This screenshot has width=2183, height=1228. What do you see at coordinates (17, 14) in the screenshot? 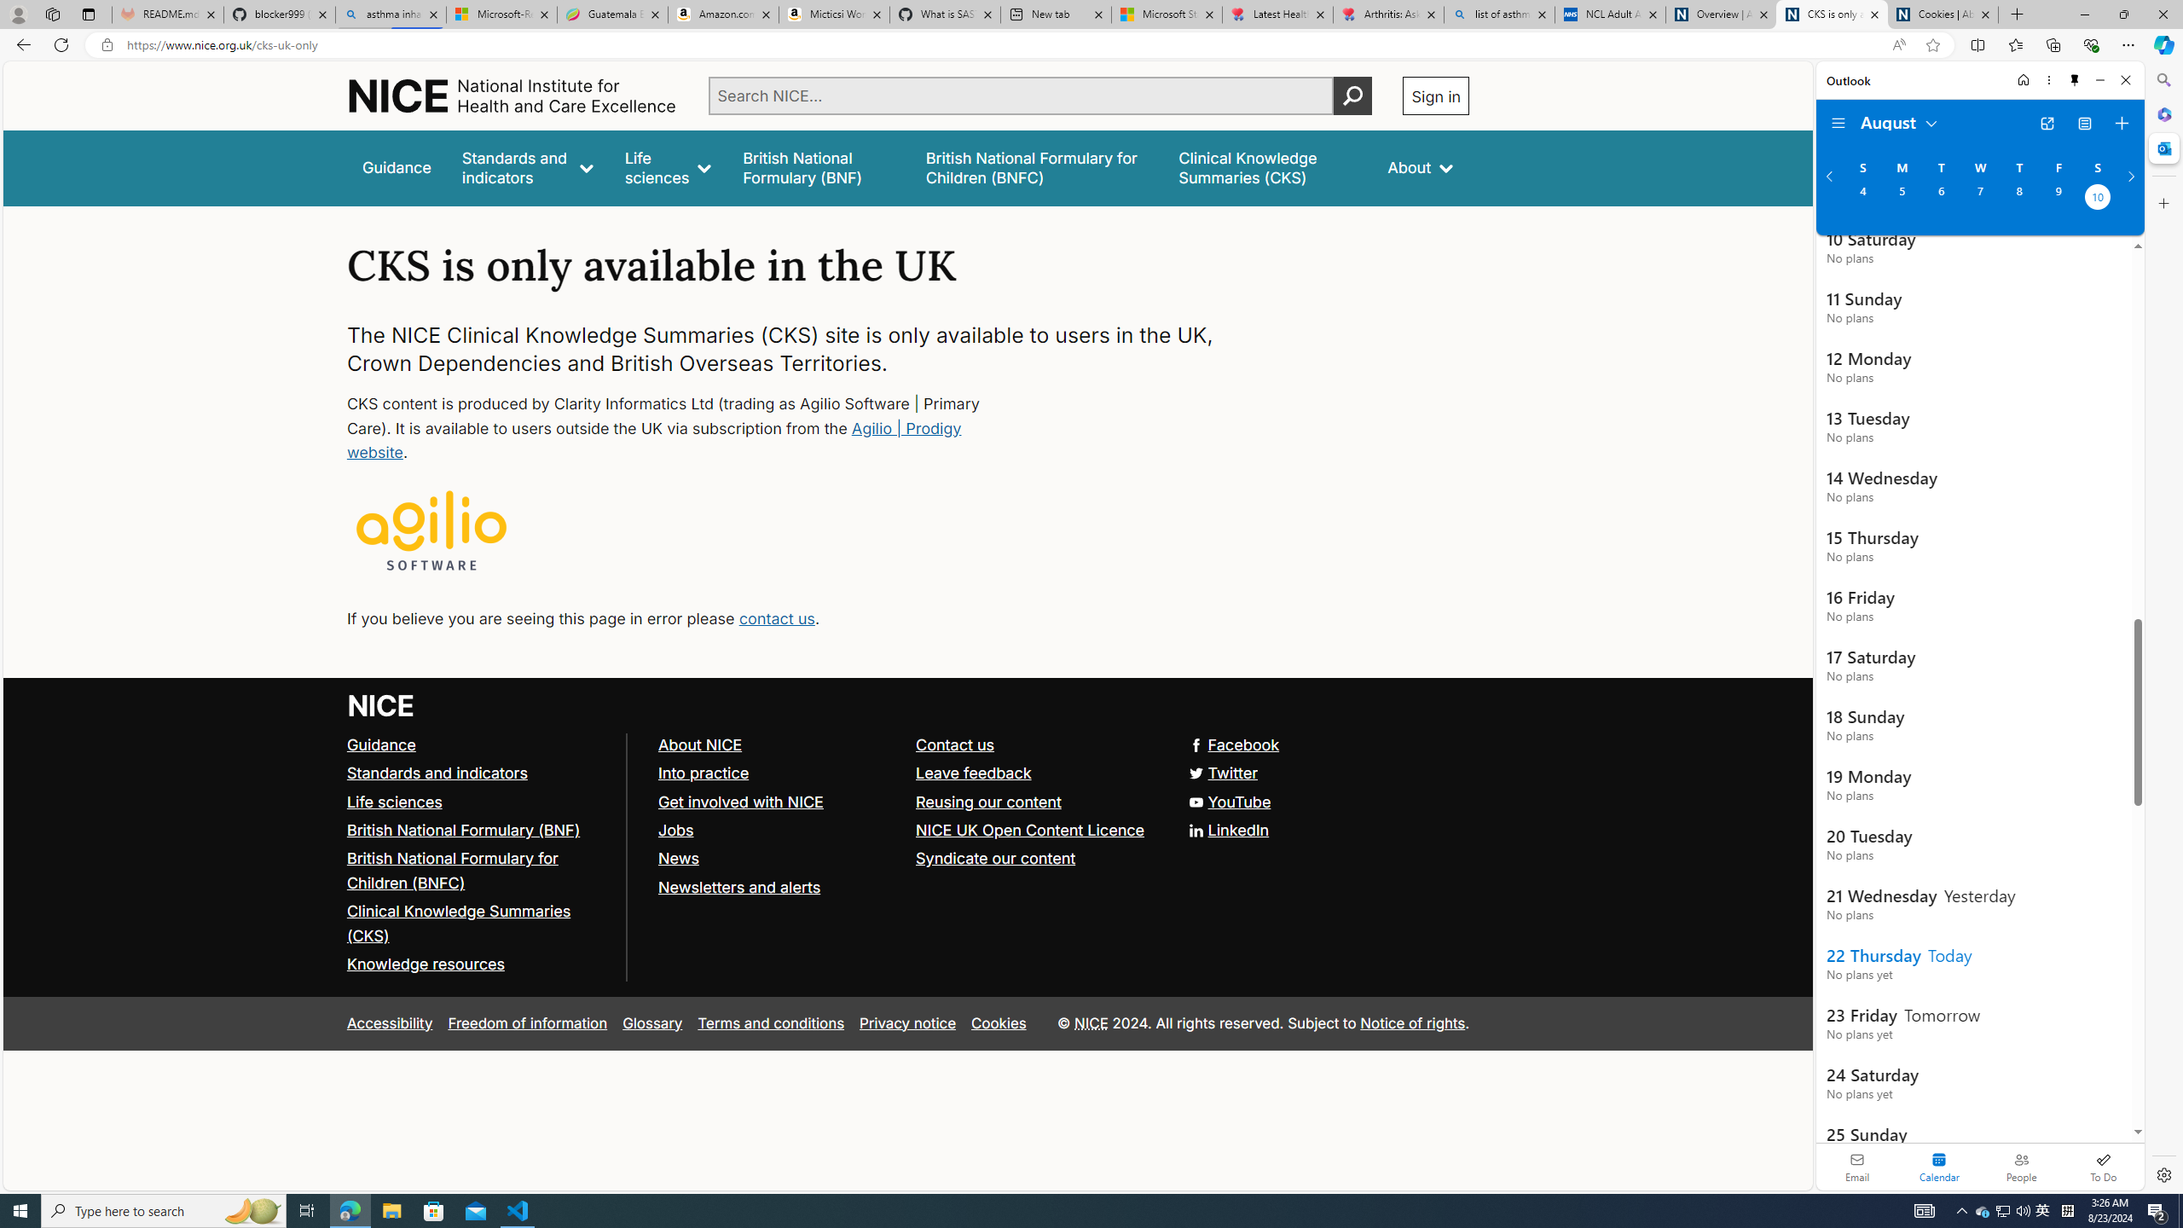
I see `'Personal Profile'` at bounding box center [17, 14].